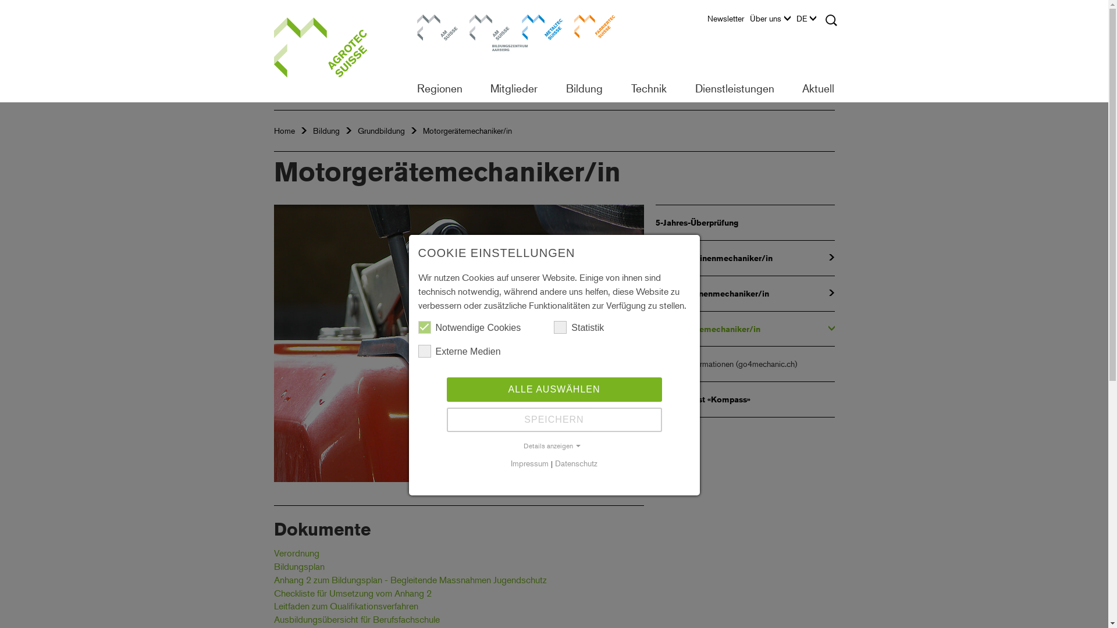 The width and height of the screenshot is (1117, 628). Describe the element at coordinates (529, 462) in the screenshot. I see `'Impressum'` at that location.